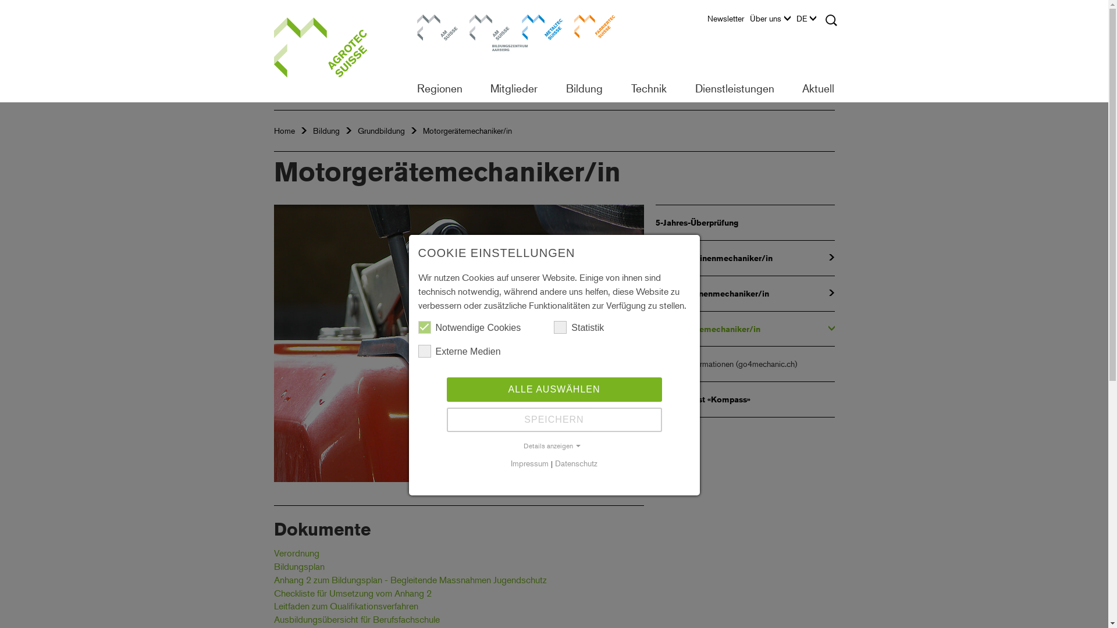 The width and height of the screenshot is (1117, 628). Describe the element at coordinates (529, 462) in the screenshot. I see `'Impressum'` at that location.